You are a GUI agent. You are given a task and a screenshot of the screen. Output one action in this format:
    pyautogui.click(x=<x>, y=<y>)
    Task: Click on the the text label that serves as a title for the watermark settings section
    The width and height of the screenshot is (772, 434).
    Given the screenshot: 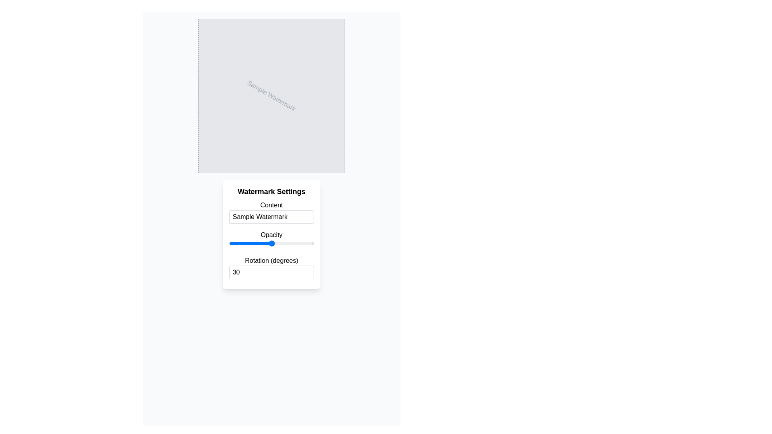 What is the action you would take?
    pyautogui.click(x=271, y=192)
    